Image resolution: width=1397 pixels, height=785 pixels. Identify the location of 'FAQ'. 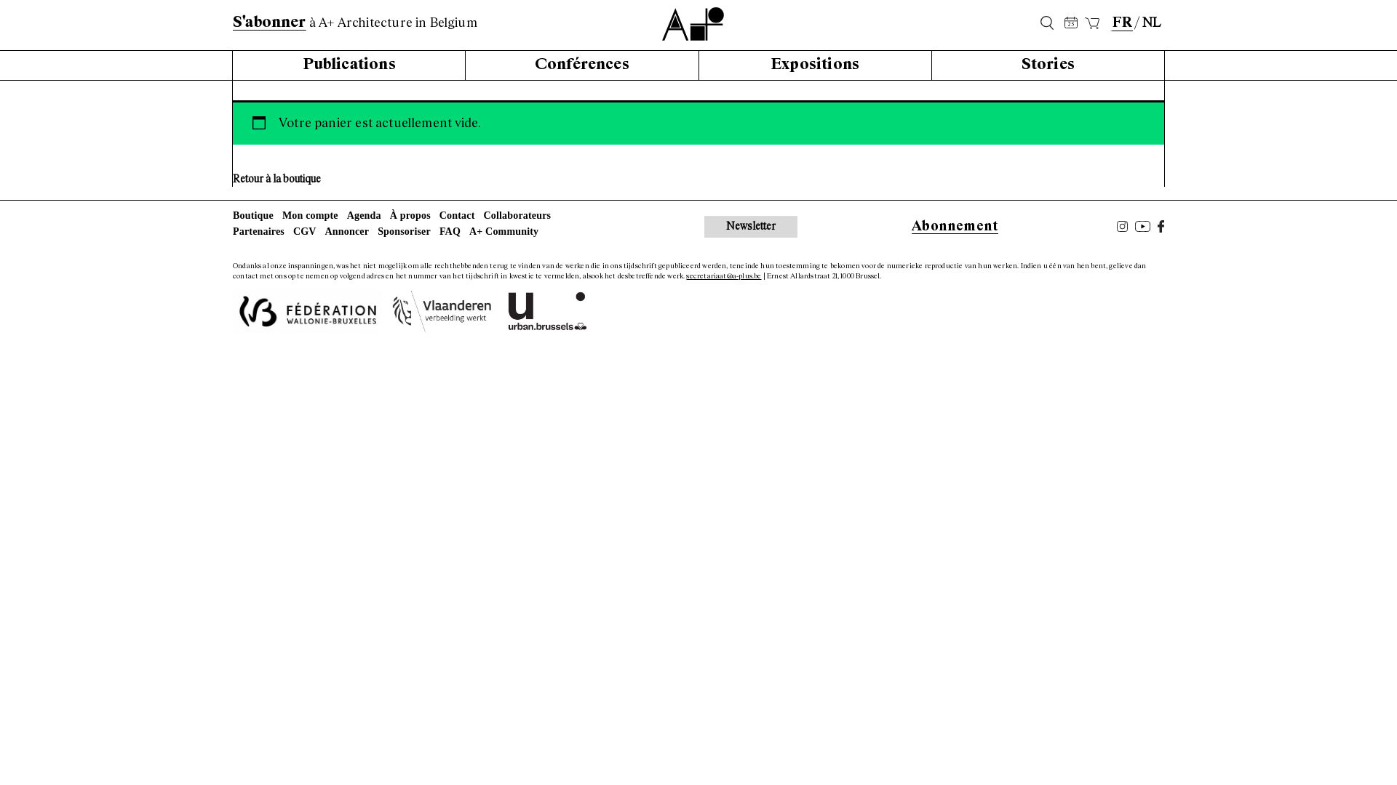
(439, 230).